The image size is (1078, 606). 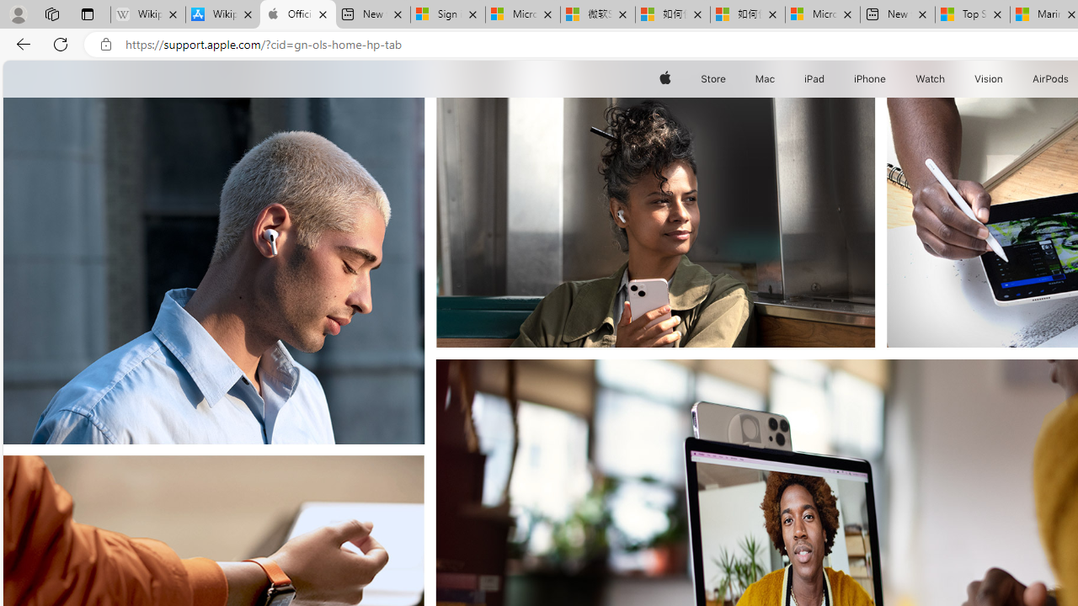 I want to click on 'iPad menu', so click(x=828, y=78).